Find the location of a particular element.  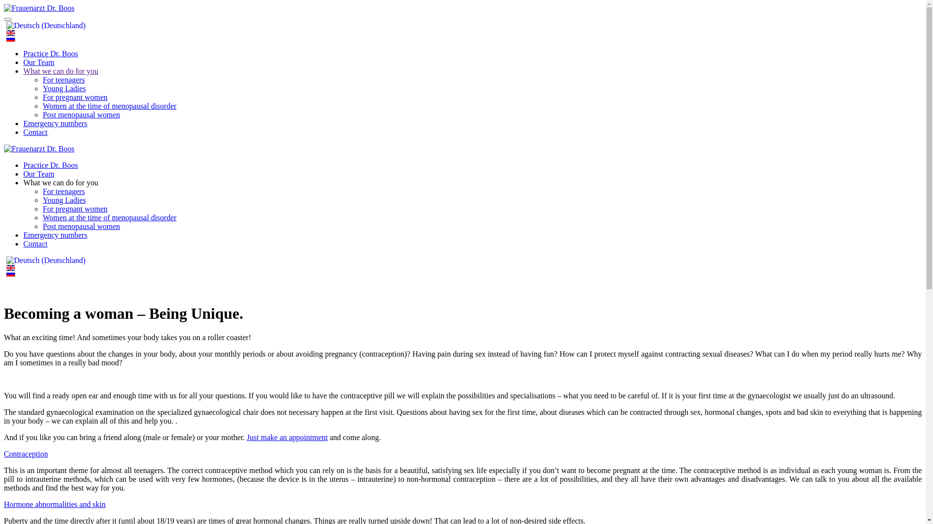

'Contraception' is located at coordinates (26, 454).